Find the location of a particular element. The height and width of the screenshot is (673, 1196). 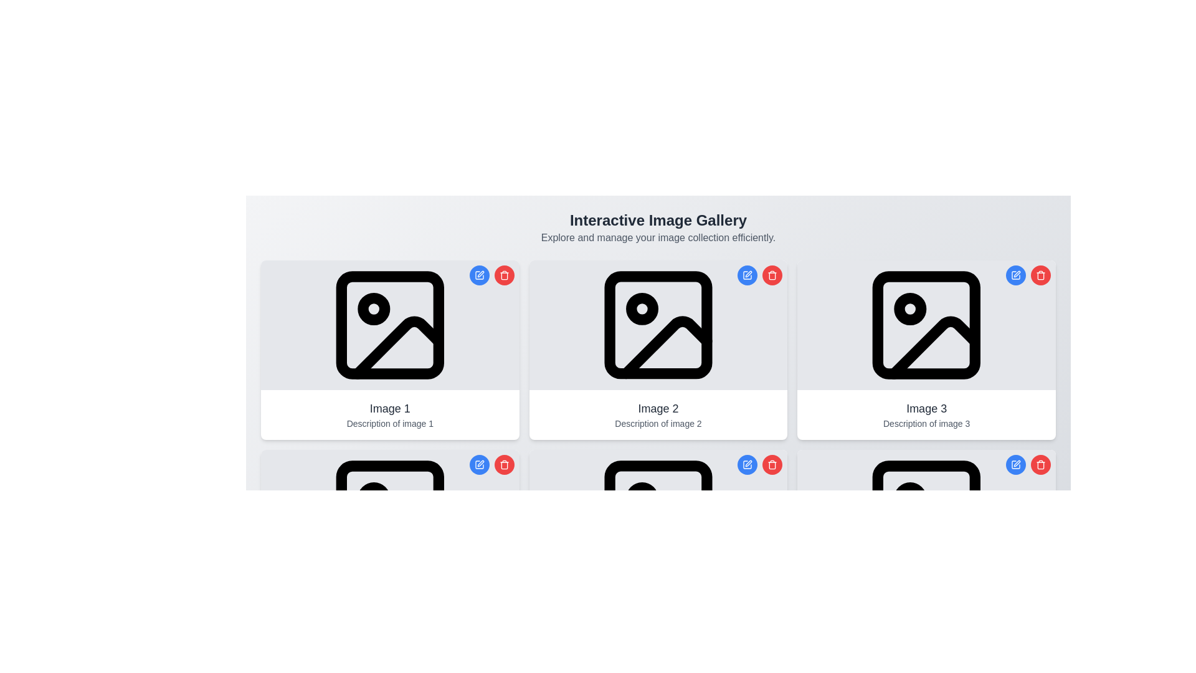

the third card UI element in the first row of the image gallery is located at coordinates (926, 350).